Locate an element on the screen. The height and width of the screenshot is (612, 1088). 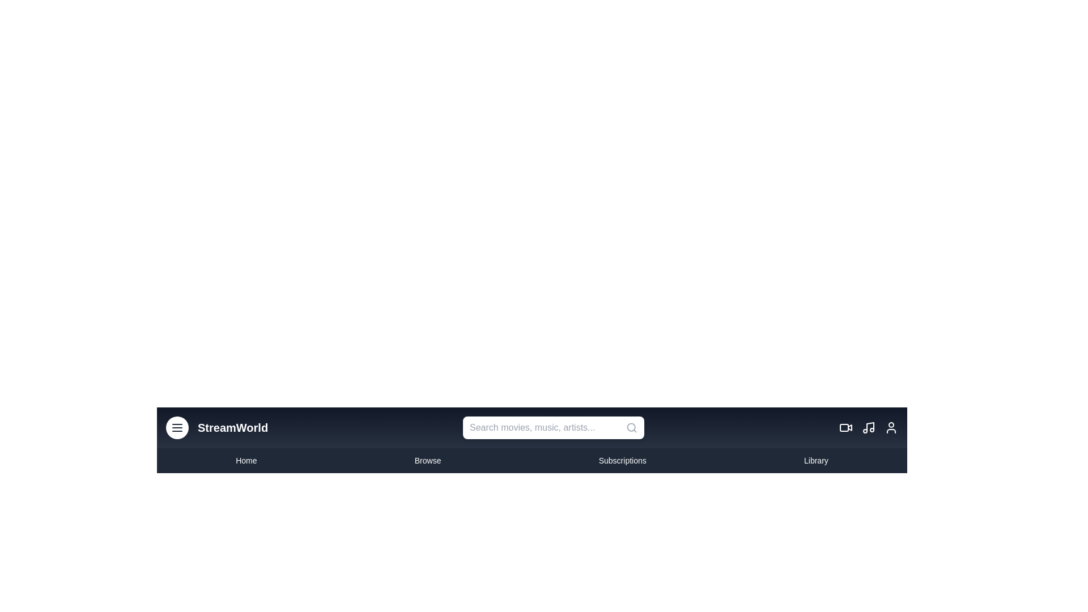
the 'Library' text in the navigation bar to navigate to the Library section is located at coordinates (816, 461).